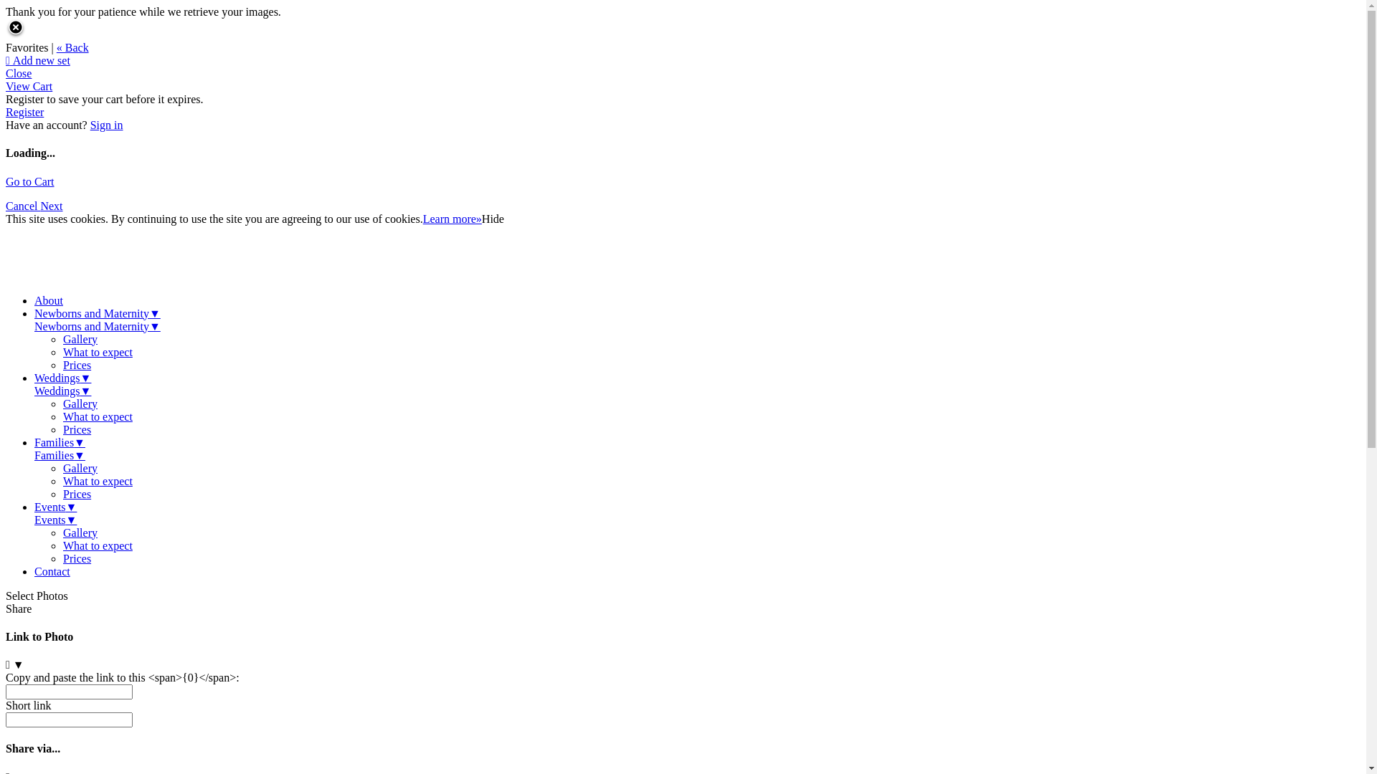 The width and height of the screenshot is (1377, 774). I want to click on 'Hide', so click(493, 219).